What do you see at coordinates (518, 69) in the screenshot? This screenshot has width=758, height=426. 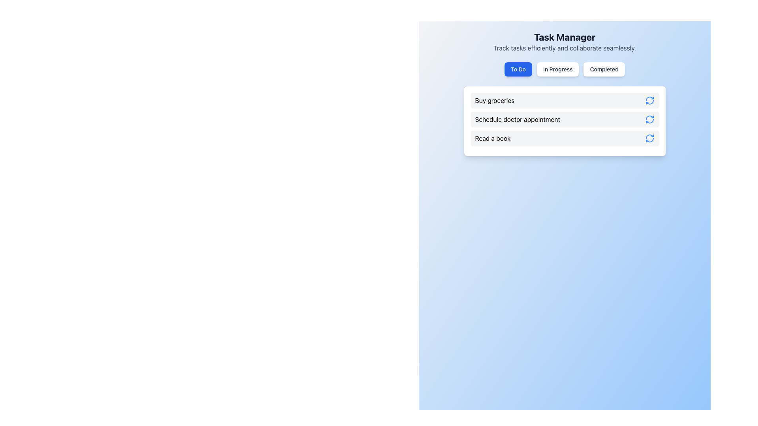 I see `the 'To Do' button, which is a rectangular button with rounded corners, a blue background, and white text` at bounding box center [518, 69].